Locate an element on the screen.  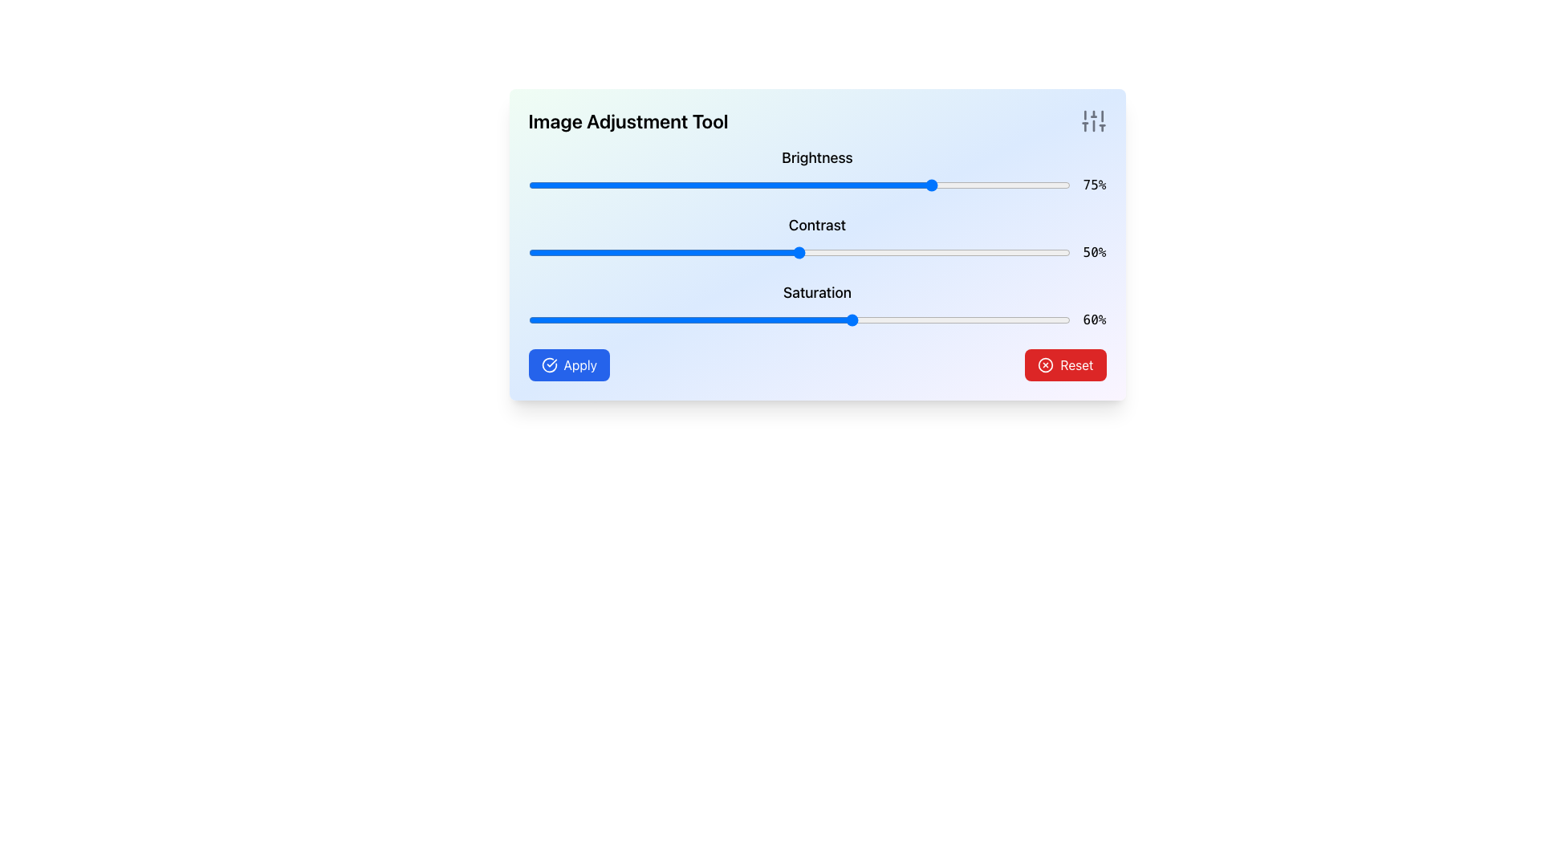
the static text displaying the current brightness adjustment value ('75%'), which is positioned to the right of the brightness slider control is located at coordinates (1093, 185).